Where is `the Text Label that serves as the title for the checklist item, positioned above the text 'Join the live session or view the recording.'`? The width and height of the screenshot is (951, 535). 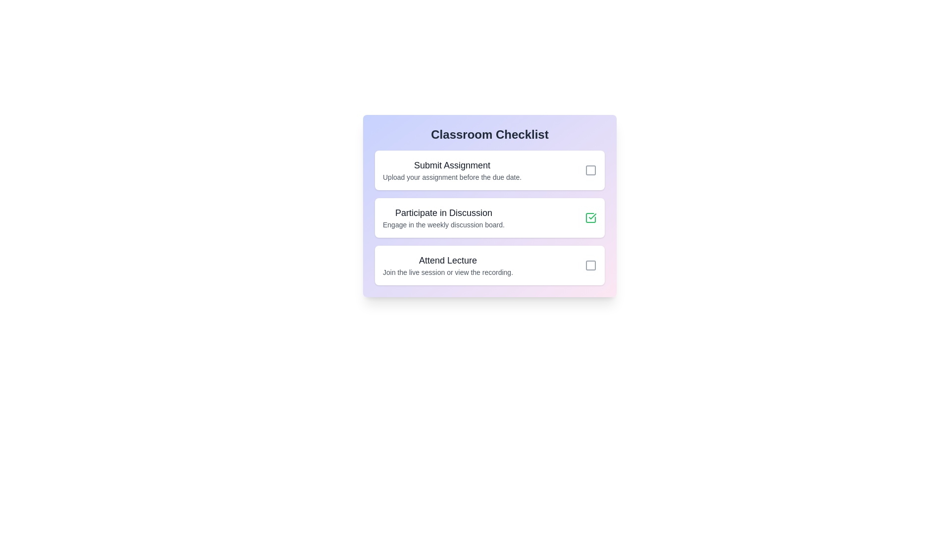
the Text Label that serves as the title for the checklist item, positioned above the text 'Join the live session or view the recording.' is located at coordinates (447, 260).